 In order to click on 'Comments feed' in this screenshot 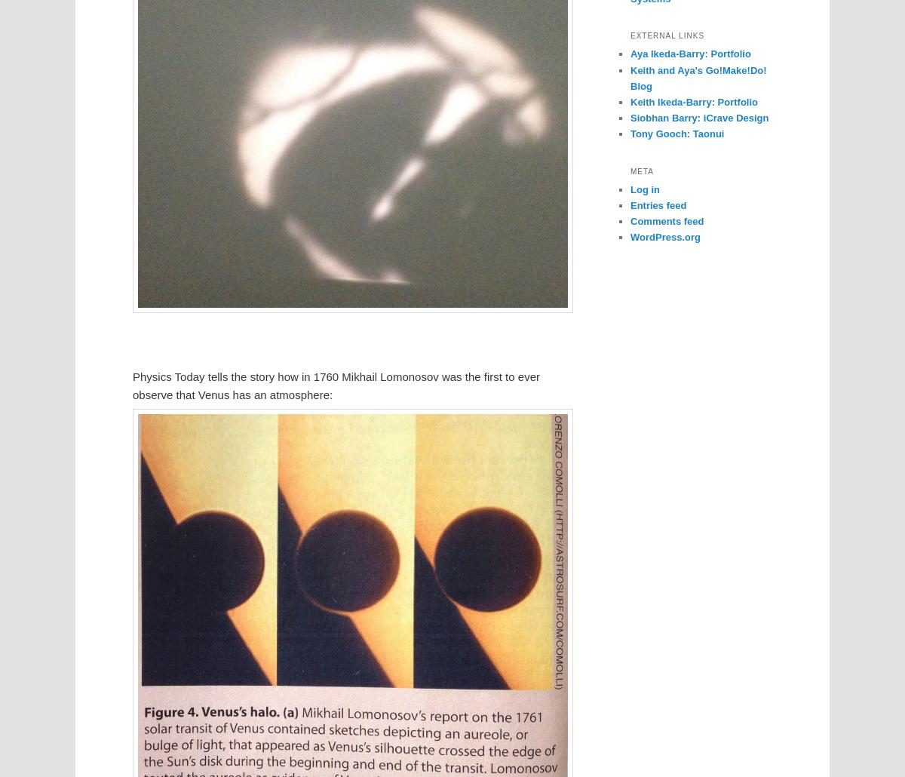, I will do `click(666, 220)`.